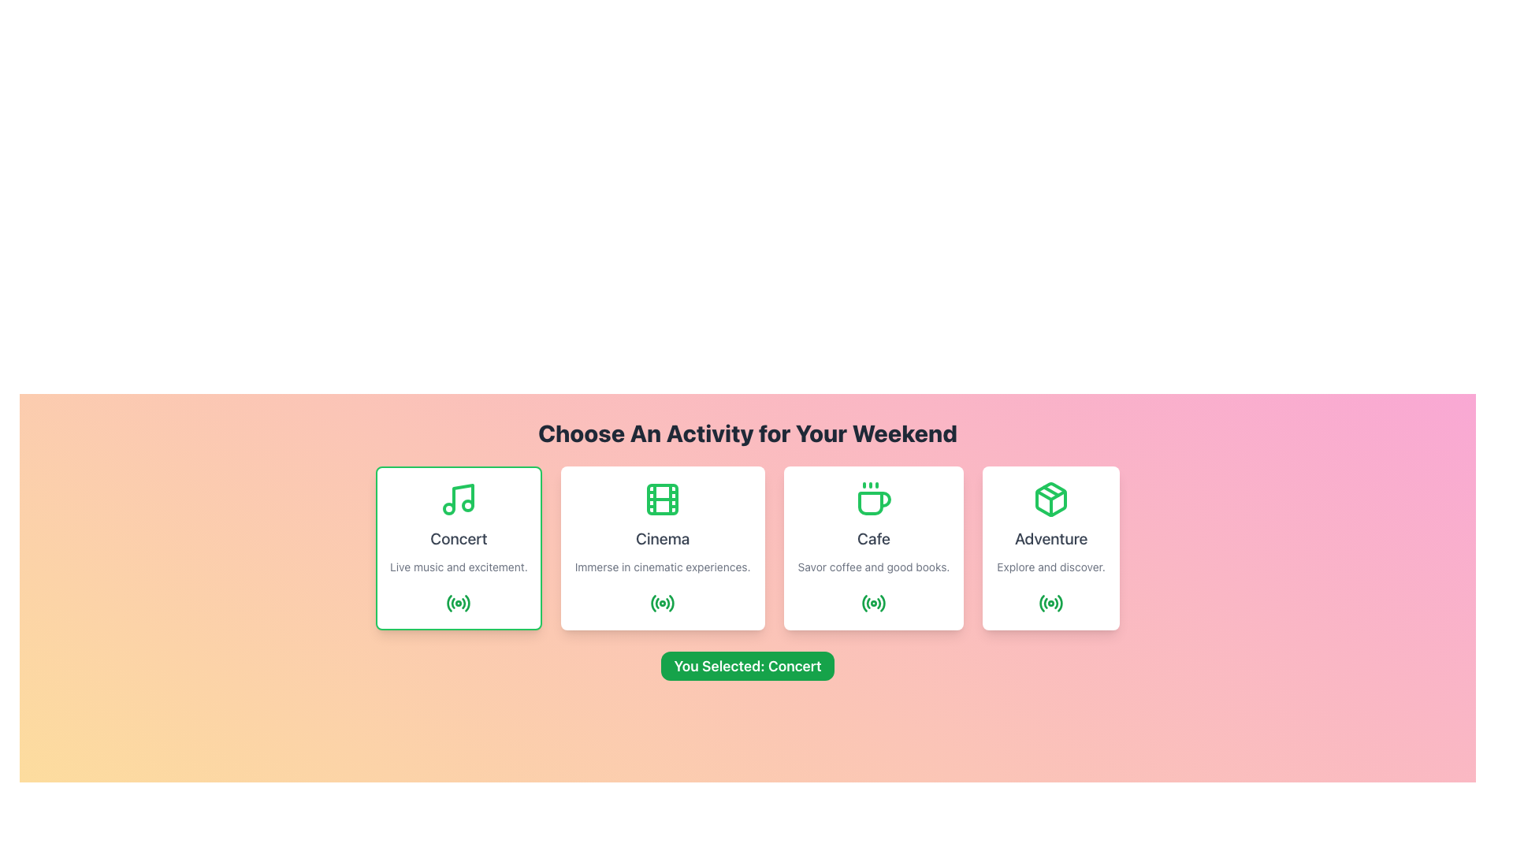  Describe the element at coordinates (1051, 537) in the screenshot. I see `the text label that describes the 'Adventure' card, which is the fourth card from the left in a row of interactive cards below the header 'Choose An Activity for Your Weekend'` at that location.